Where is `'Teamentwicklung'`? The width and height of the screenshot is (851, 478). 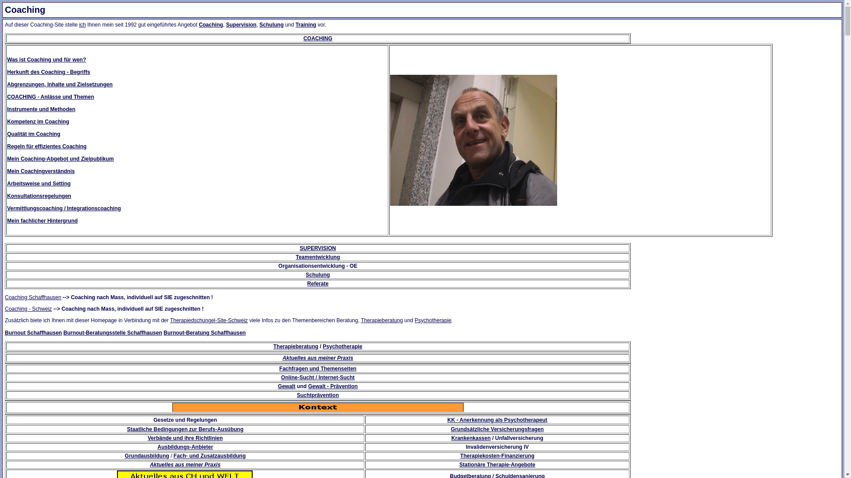 'Teamentwicklung' is located at coordinates (317, 257).